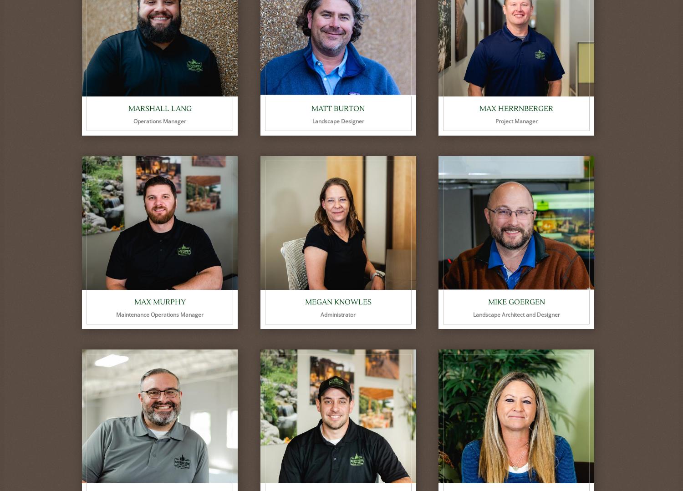 Image resolution: width=683 pixels, height=491 pixels. I want to click on 'Marshall Lang', so click(159, 108).